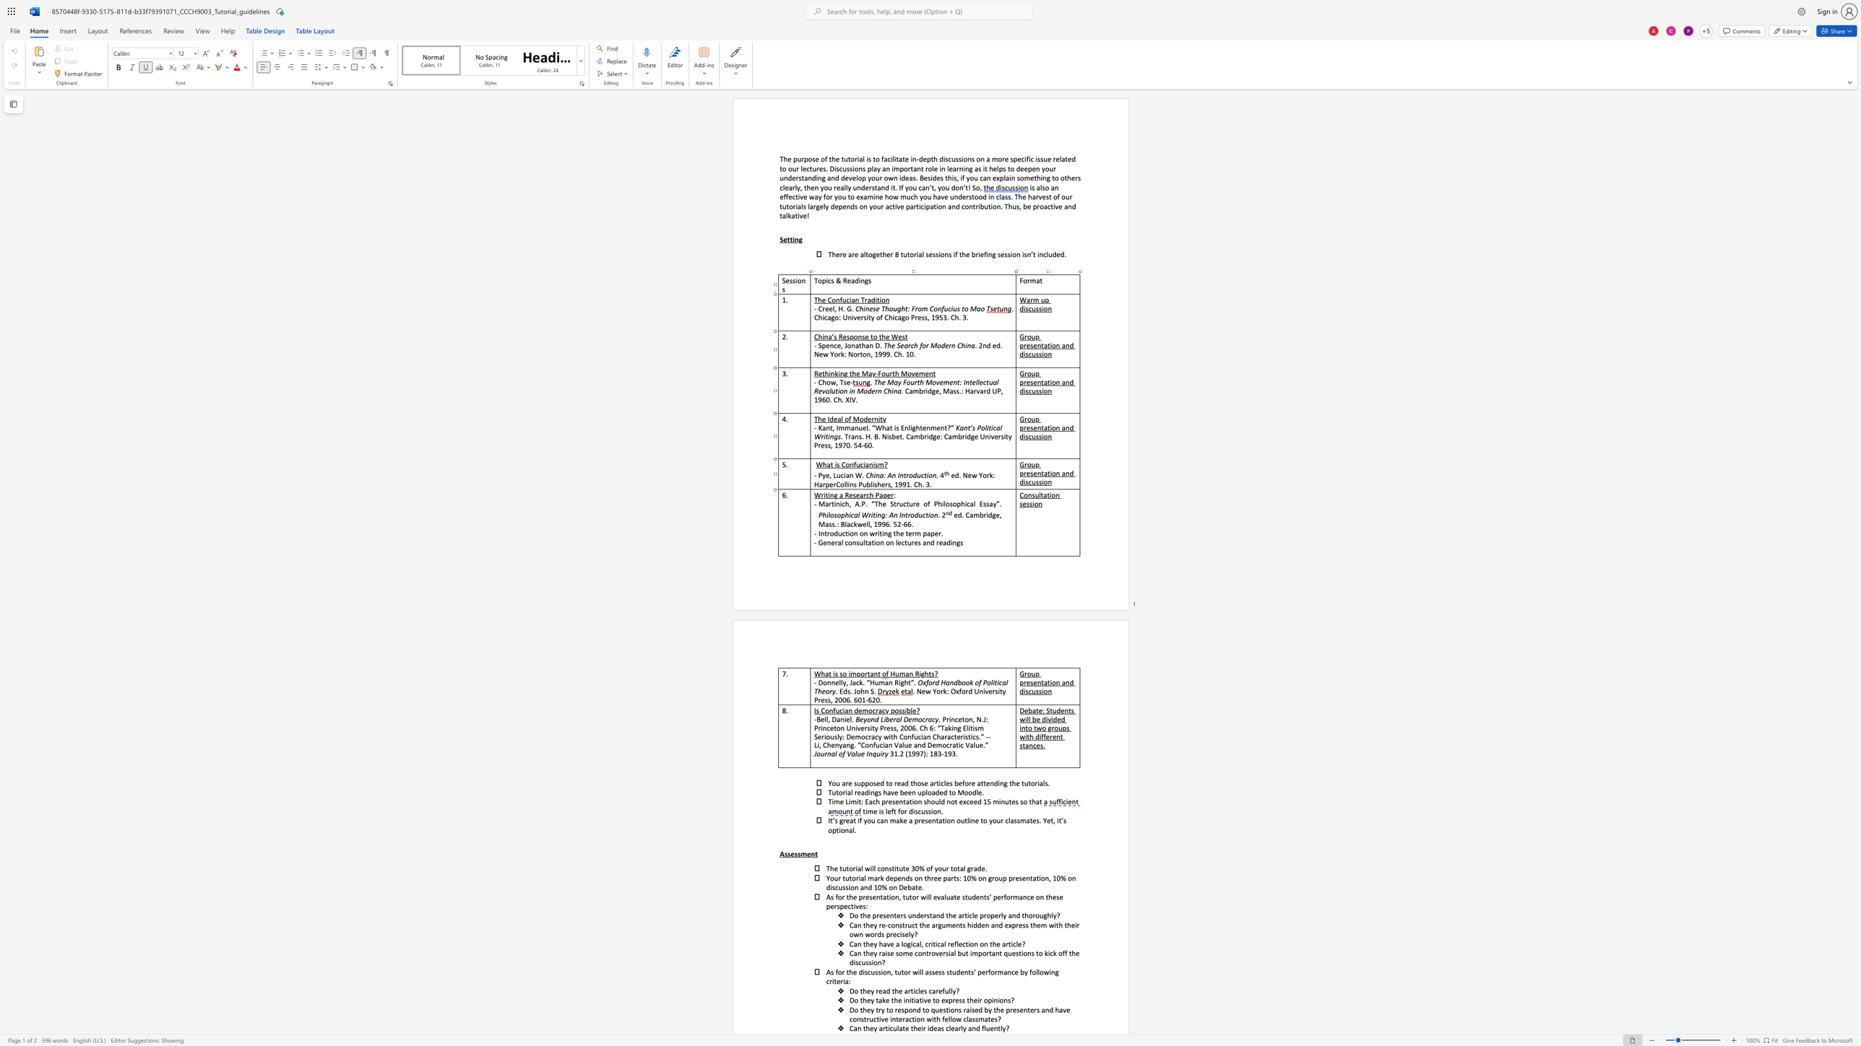 The image size is (1861, 1046). What do you see at coordinates (828, 475) in the screenshot?
I see `the space between the continuous character "e" and "," in the text` at bounding box center [828, 475].